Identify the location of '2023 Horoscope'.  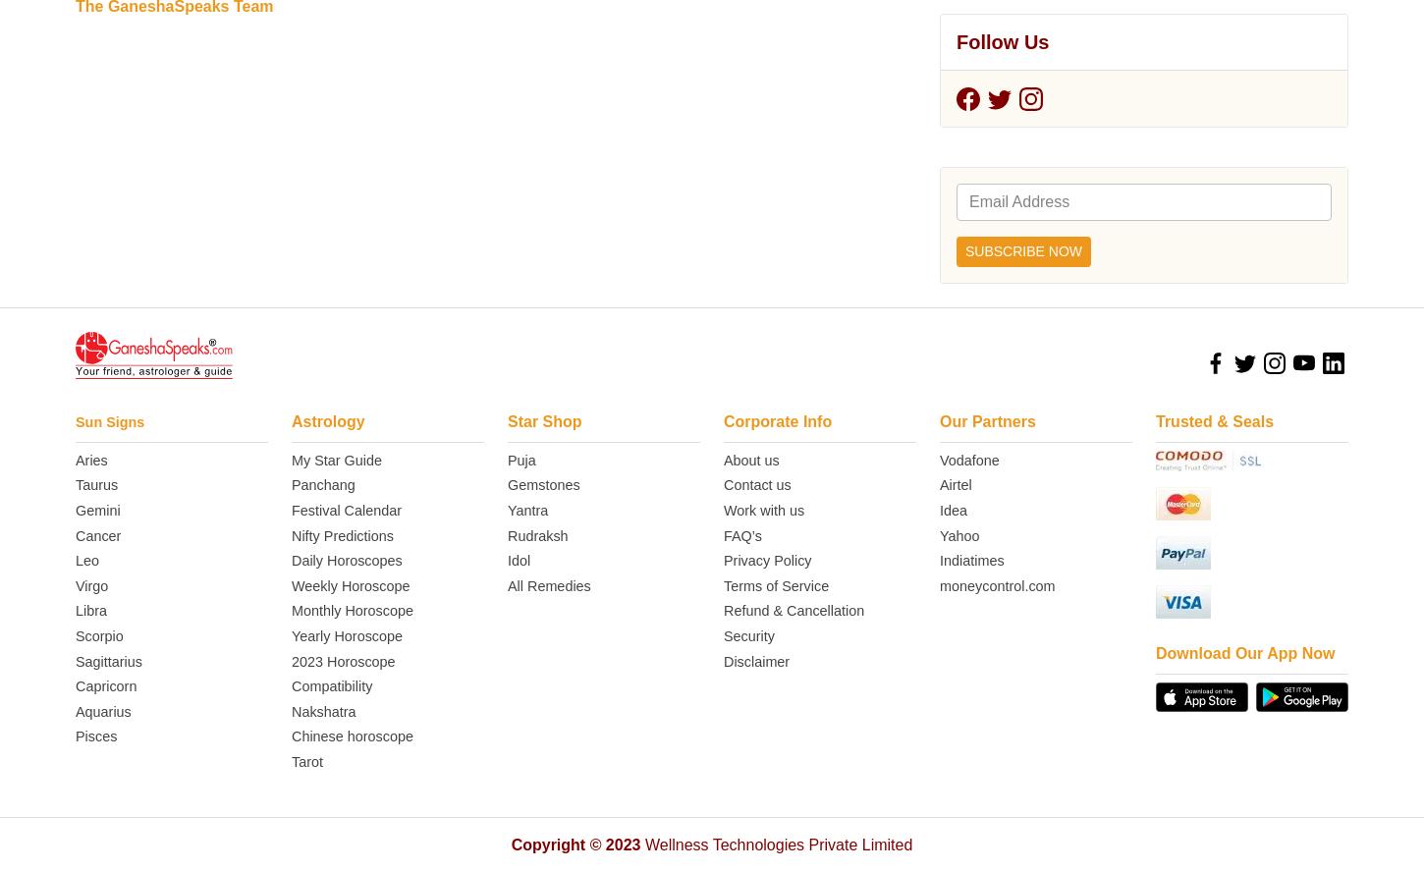
(291, 38).